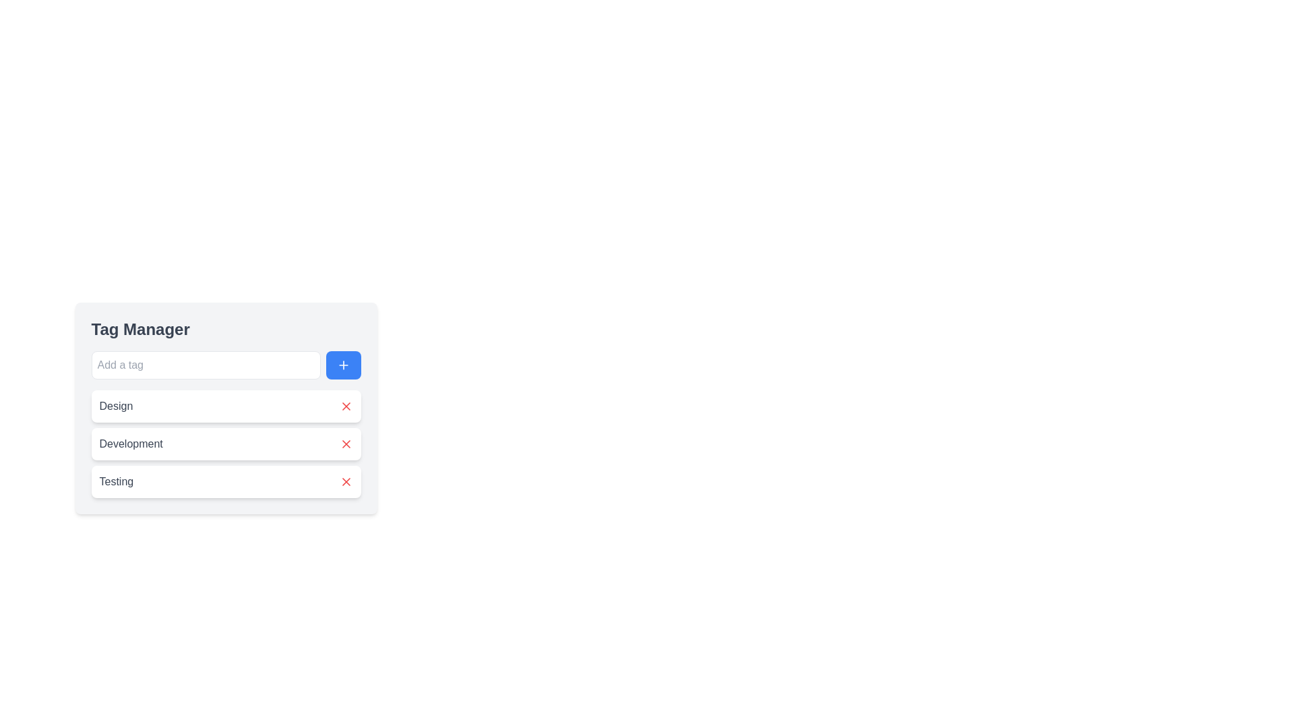 The image size is (1294, 728). I want to click on the small blue circular button with a white plus sign, located to the right of the 'Add a tag' input field in the 'Tag Manager' section, so click(343, 365).